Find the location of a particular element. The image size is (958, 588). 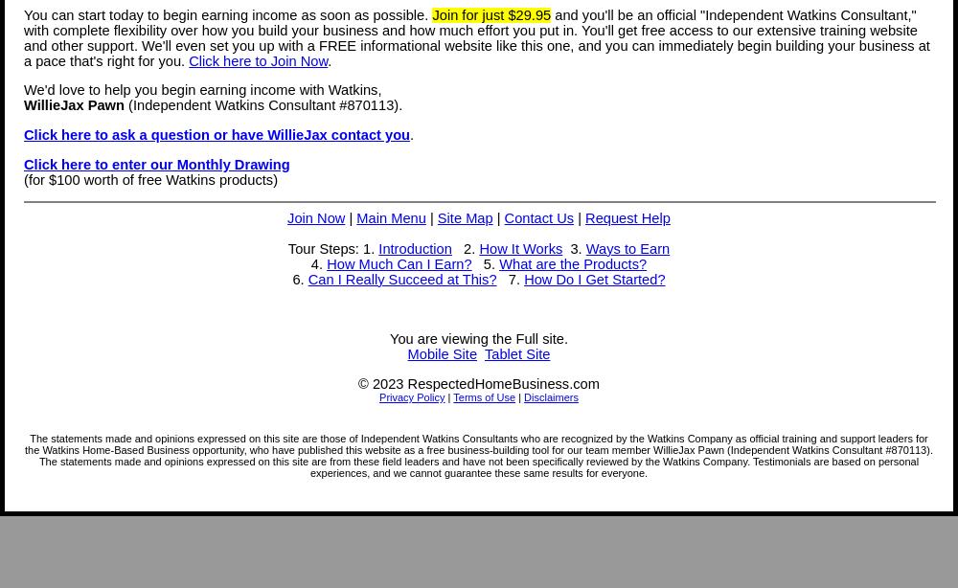

'2.' is located at coordinates (464, 246).